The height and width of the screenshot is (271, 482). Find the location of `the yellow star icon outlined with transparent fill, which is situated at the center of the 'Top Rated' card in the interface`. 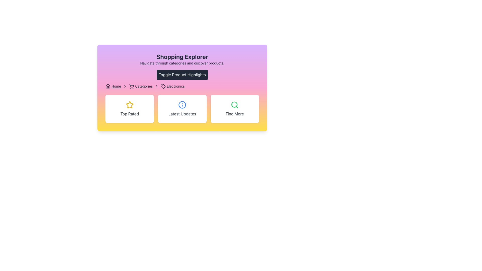

the yellow star icon outlined with transparent fill, which is situated at the center of the 'Top Rated' card in the interface is located at coordinates (130, 104).